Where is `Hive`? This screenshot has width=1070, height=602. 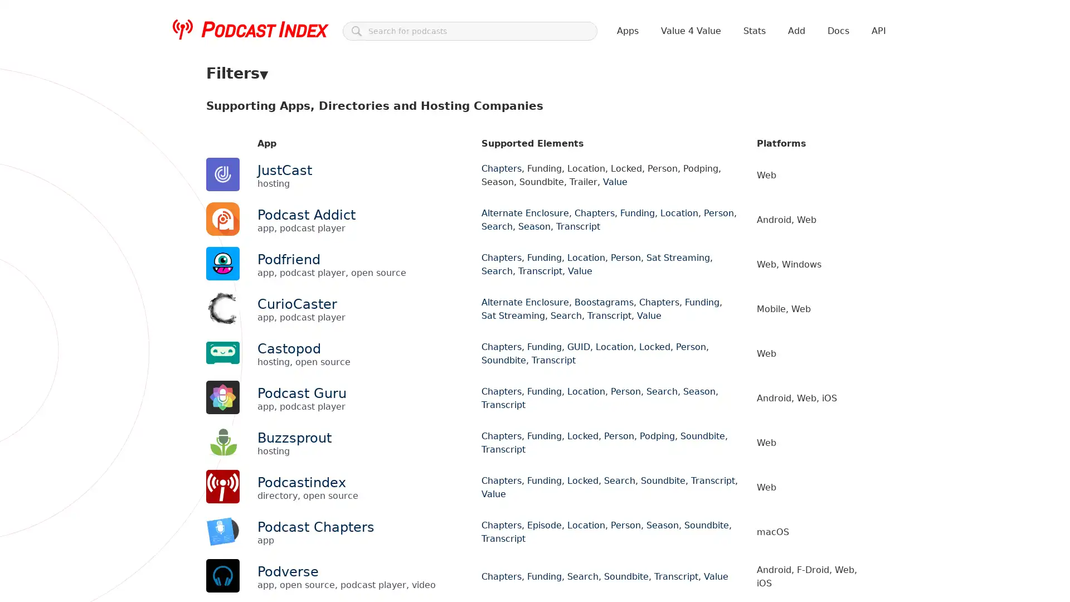
Hive is located at coordinates (522, 229).